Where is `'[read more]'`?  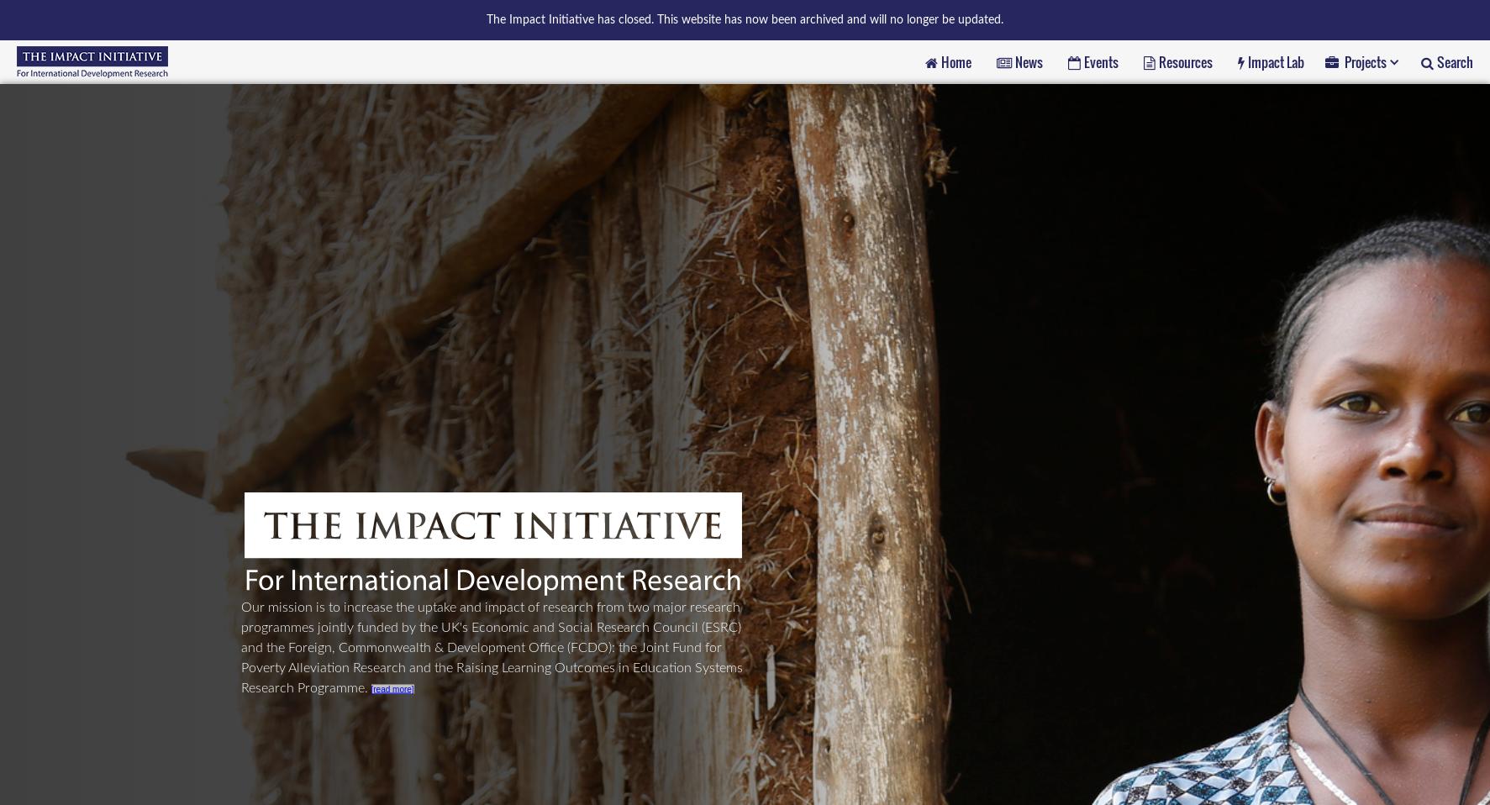
'[read more]' is located at coordinates (391, 687).